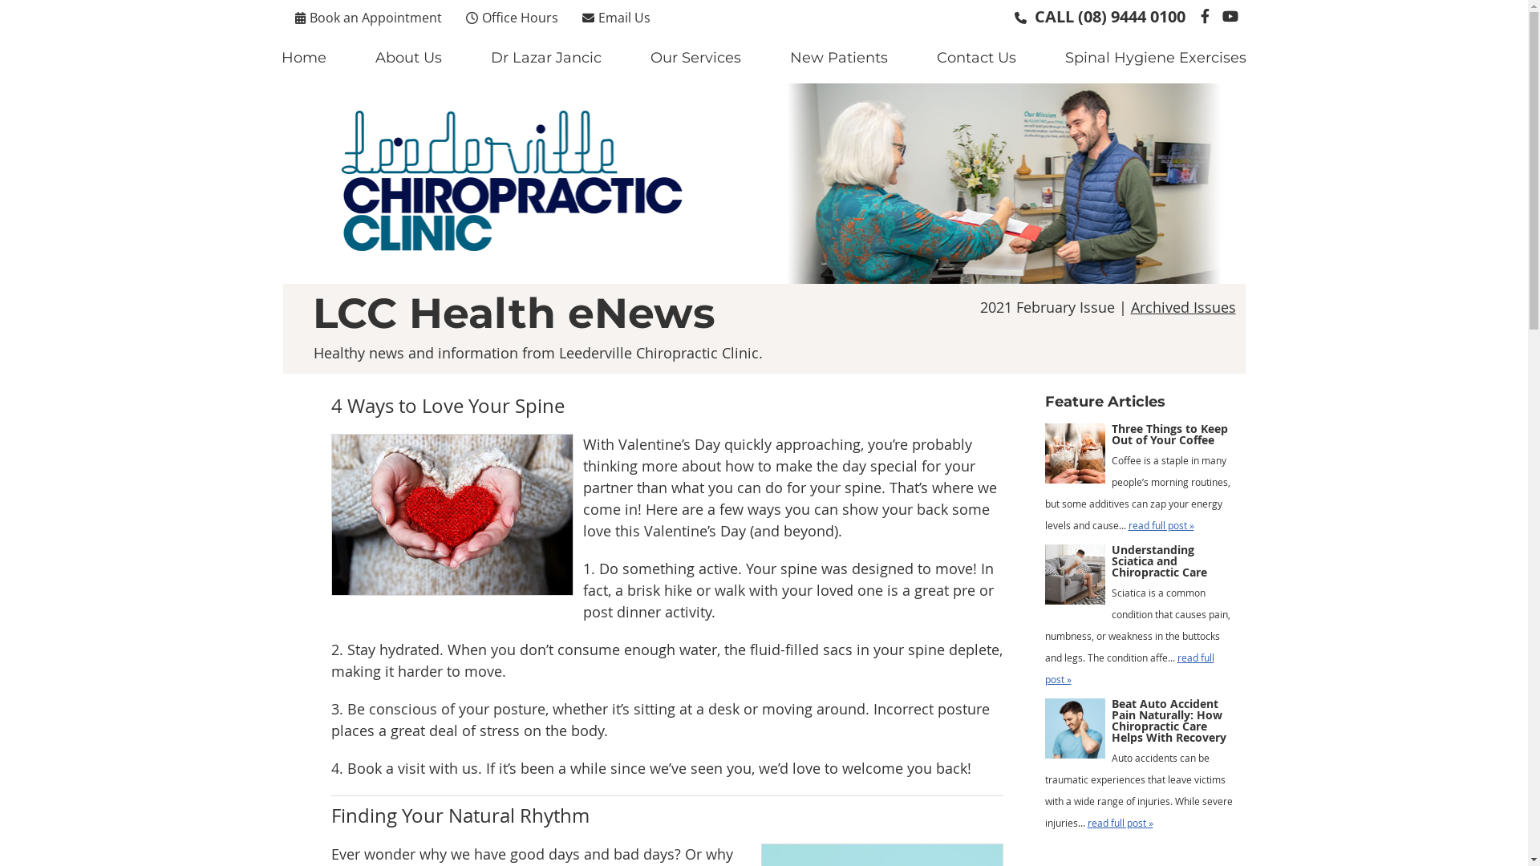  Describe the element at coordinates (456, 16) in the screenshot. I see `'Office Hours'` at that location.